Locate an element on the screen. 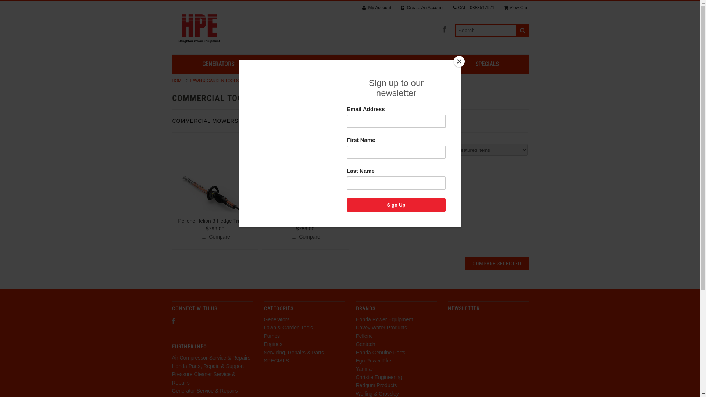  '773' is located at coordinates (293, 236).